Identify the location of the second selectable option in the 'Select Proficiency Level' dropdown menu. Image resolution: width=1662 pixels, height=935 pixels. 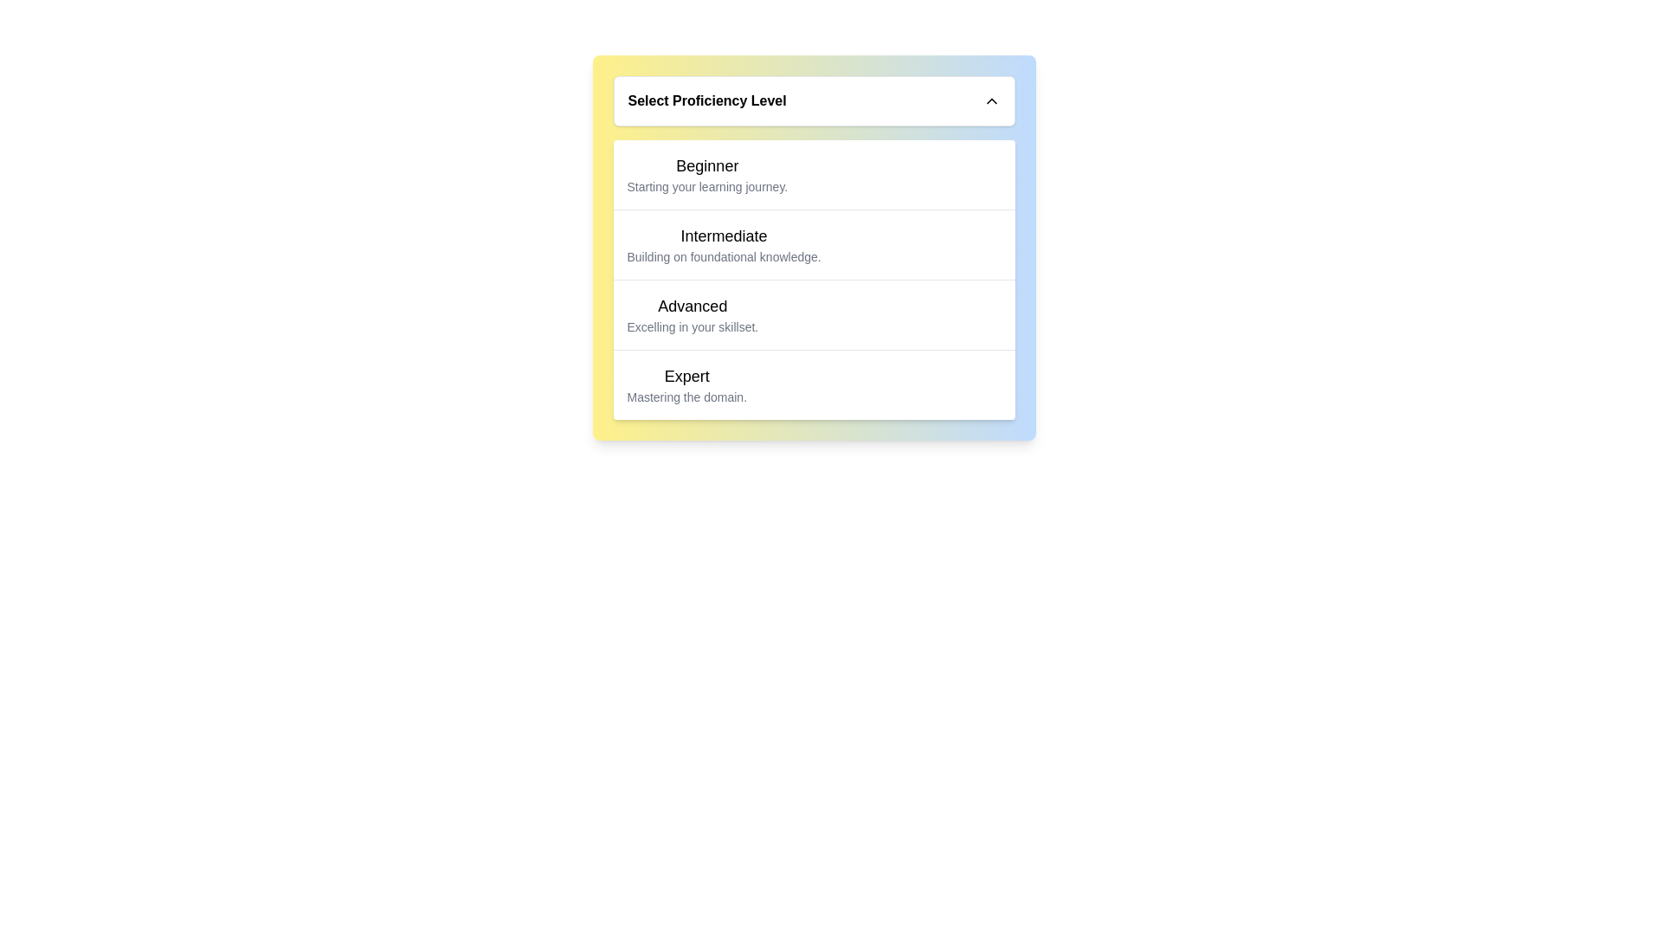
(724, 244).